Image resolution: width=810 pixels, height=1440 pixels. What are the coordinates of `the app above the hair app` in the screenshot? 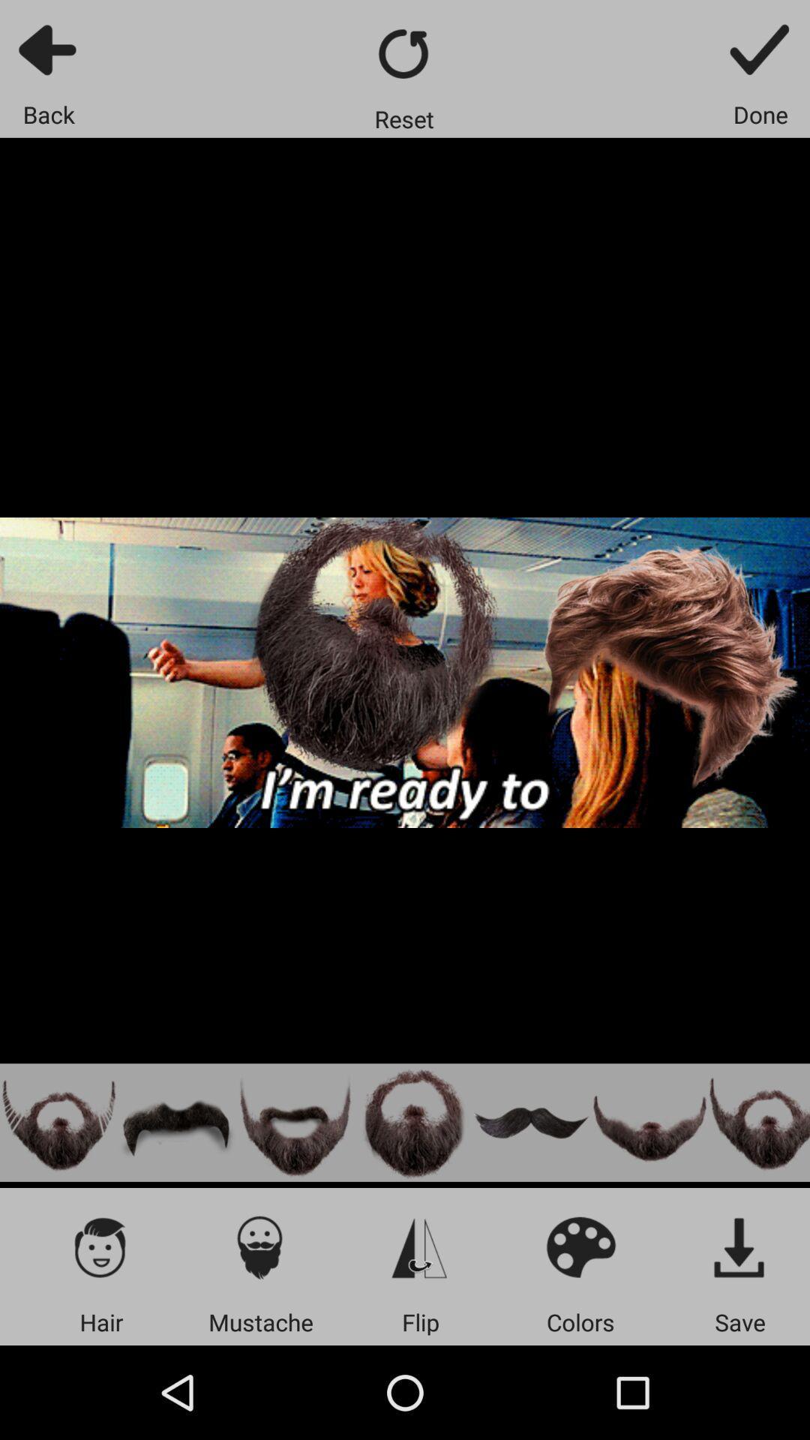 It's located at (101, 1246).